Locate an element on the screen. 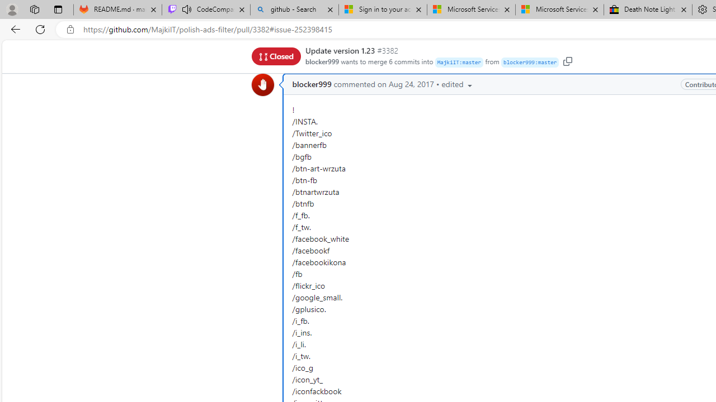  'blocker999' is located at coordinates (312, 84).